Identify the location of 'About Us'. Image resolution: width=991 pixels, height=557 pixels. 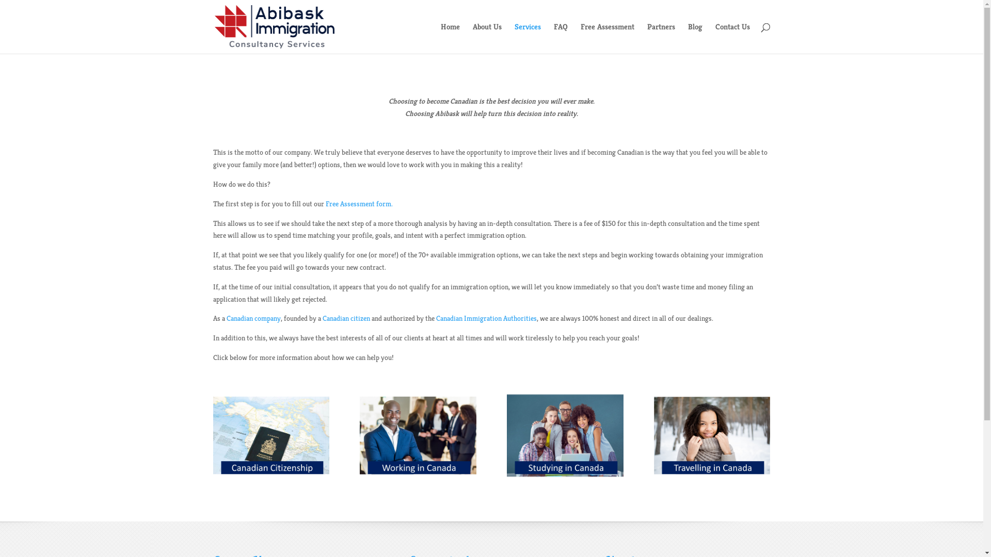
(487, 38).